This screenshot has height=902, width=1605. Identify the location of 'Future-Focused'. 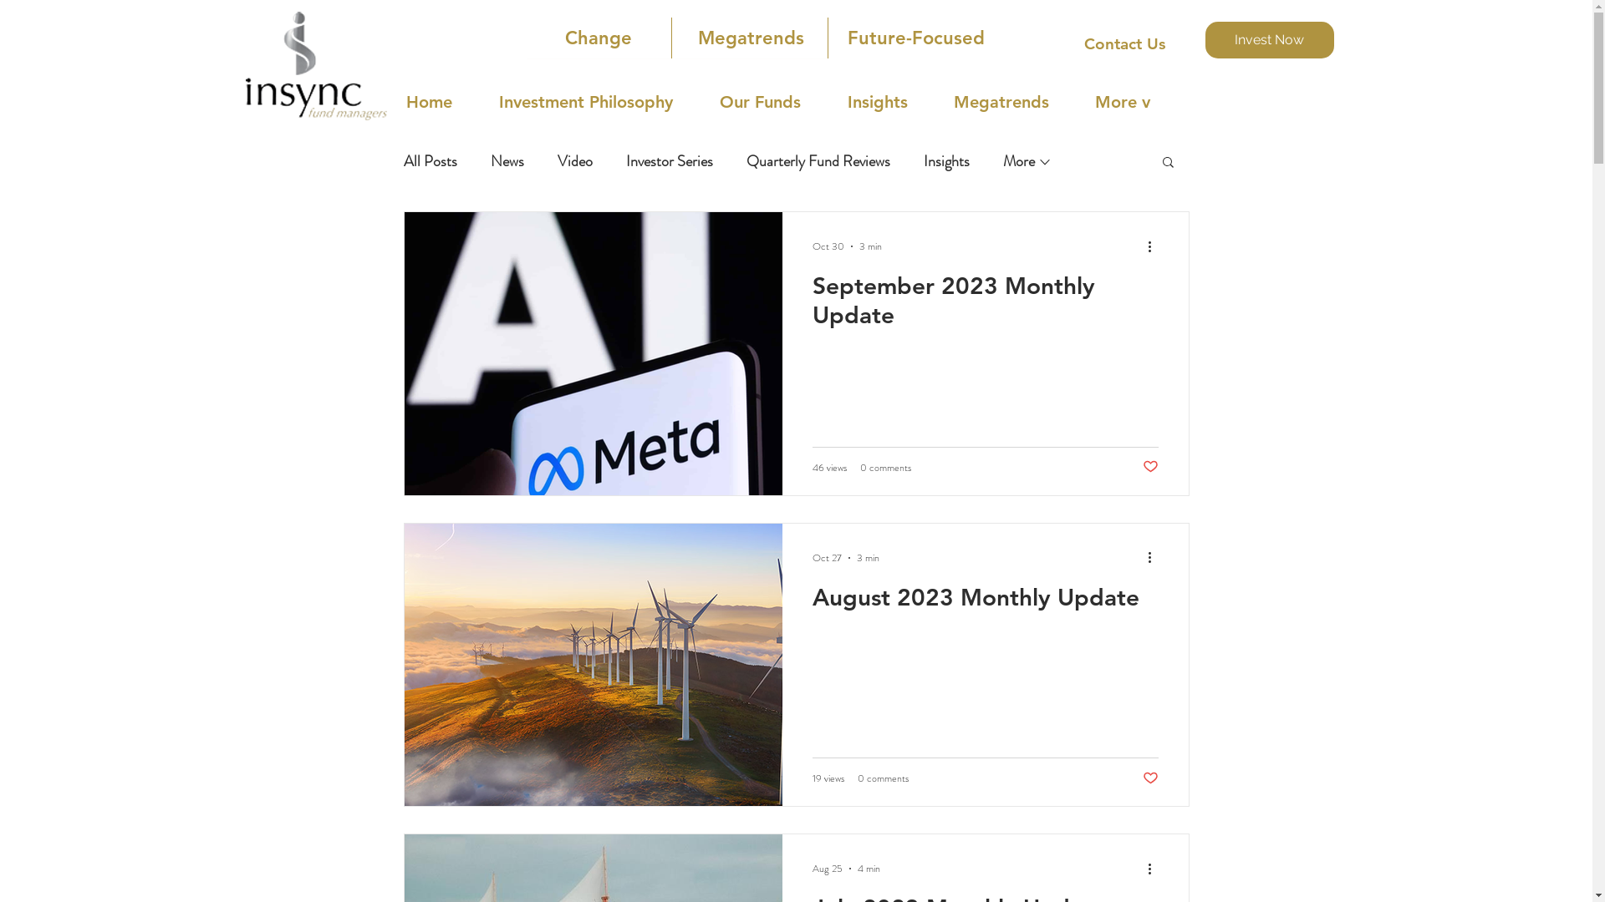
(915, 38).